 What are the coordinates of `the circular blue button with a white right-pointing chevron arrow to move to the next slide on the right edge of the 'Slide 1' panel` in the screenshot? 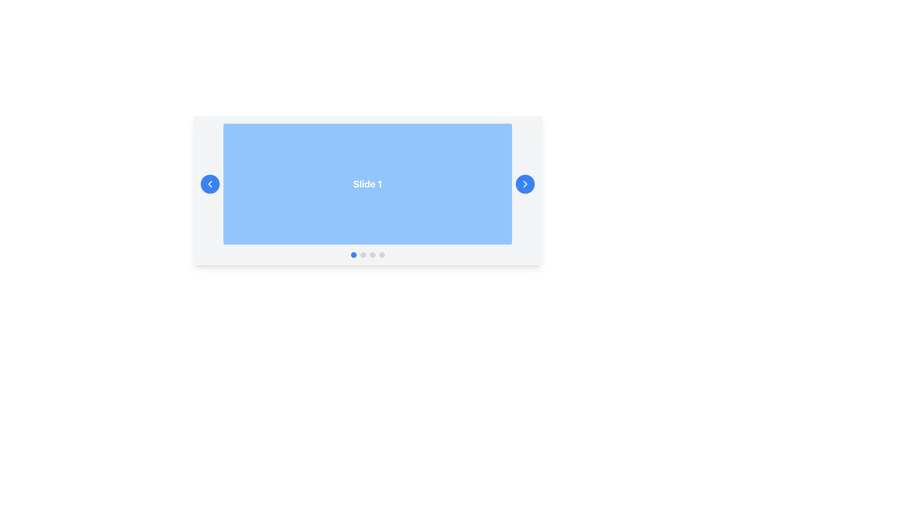 It's located at (525, 184).